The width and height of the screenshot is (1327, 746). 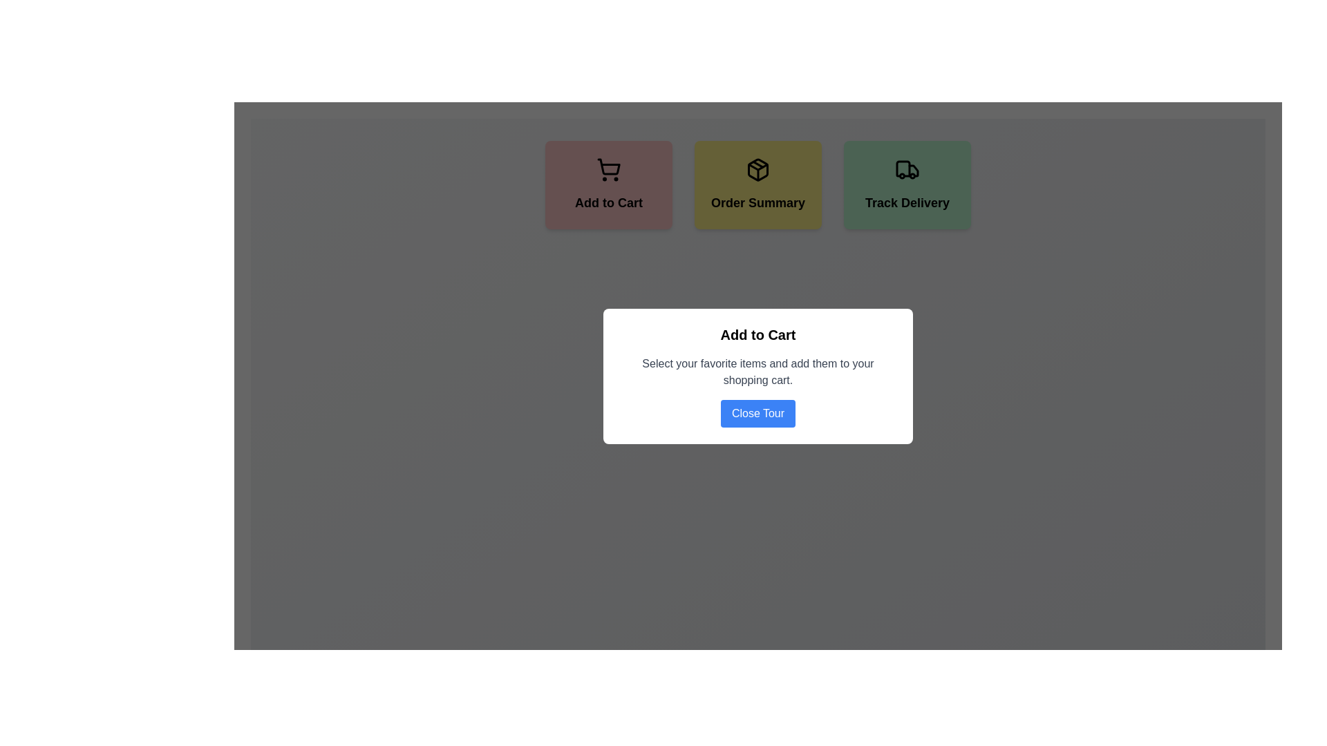 What do you see at coordinates (757, 169) in the screenshot?
I see `the icon representing the order summary section located in the center area of the yellow card labeled 'Order Summary', positioned above the text within this card` at bounding box center [757, 169].